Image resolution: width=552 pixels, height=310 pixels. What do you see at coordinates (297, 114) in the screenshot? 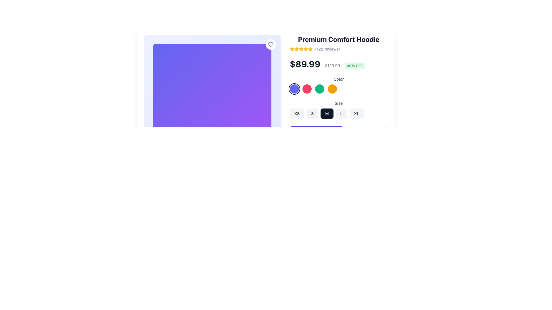
I see `the 'XS' button, which is a rectangular button with rounded corners and a light gray background, to observe the styling changes` at bounding box center [297, 114].